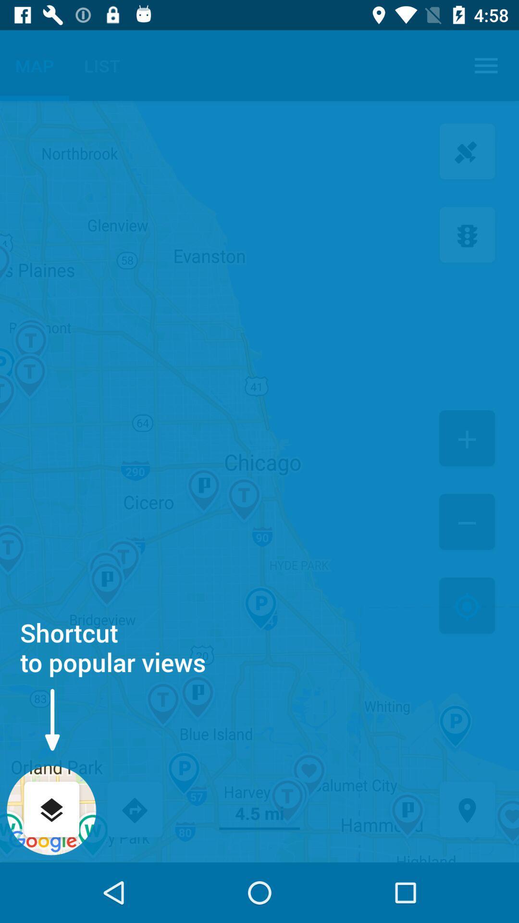 This screenshot has width=519, height=923. Describe the element at coordinates (467, 606) in the screenshot. I see `the item next to shortcut to popular item` at that location.